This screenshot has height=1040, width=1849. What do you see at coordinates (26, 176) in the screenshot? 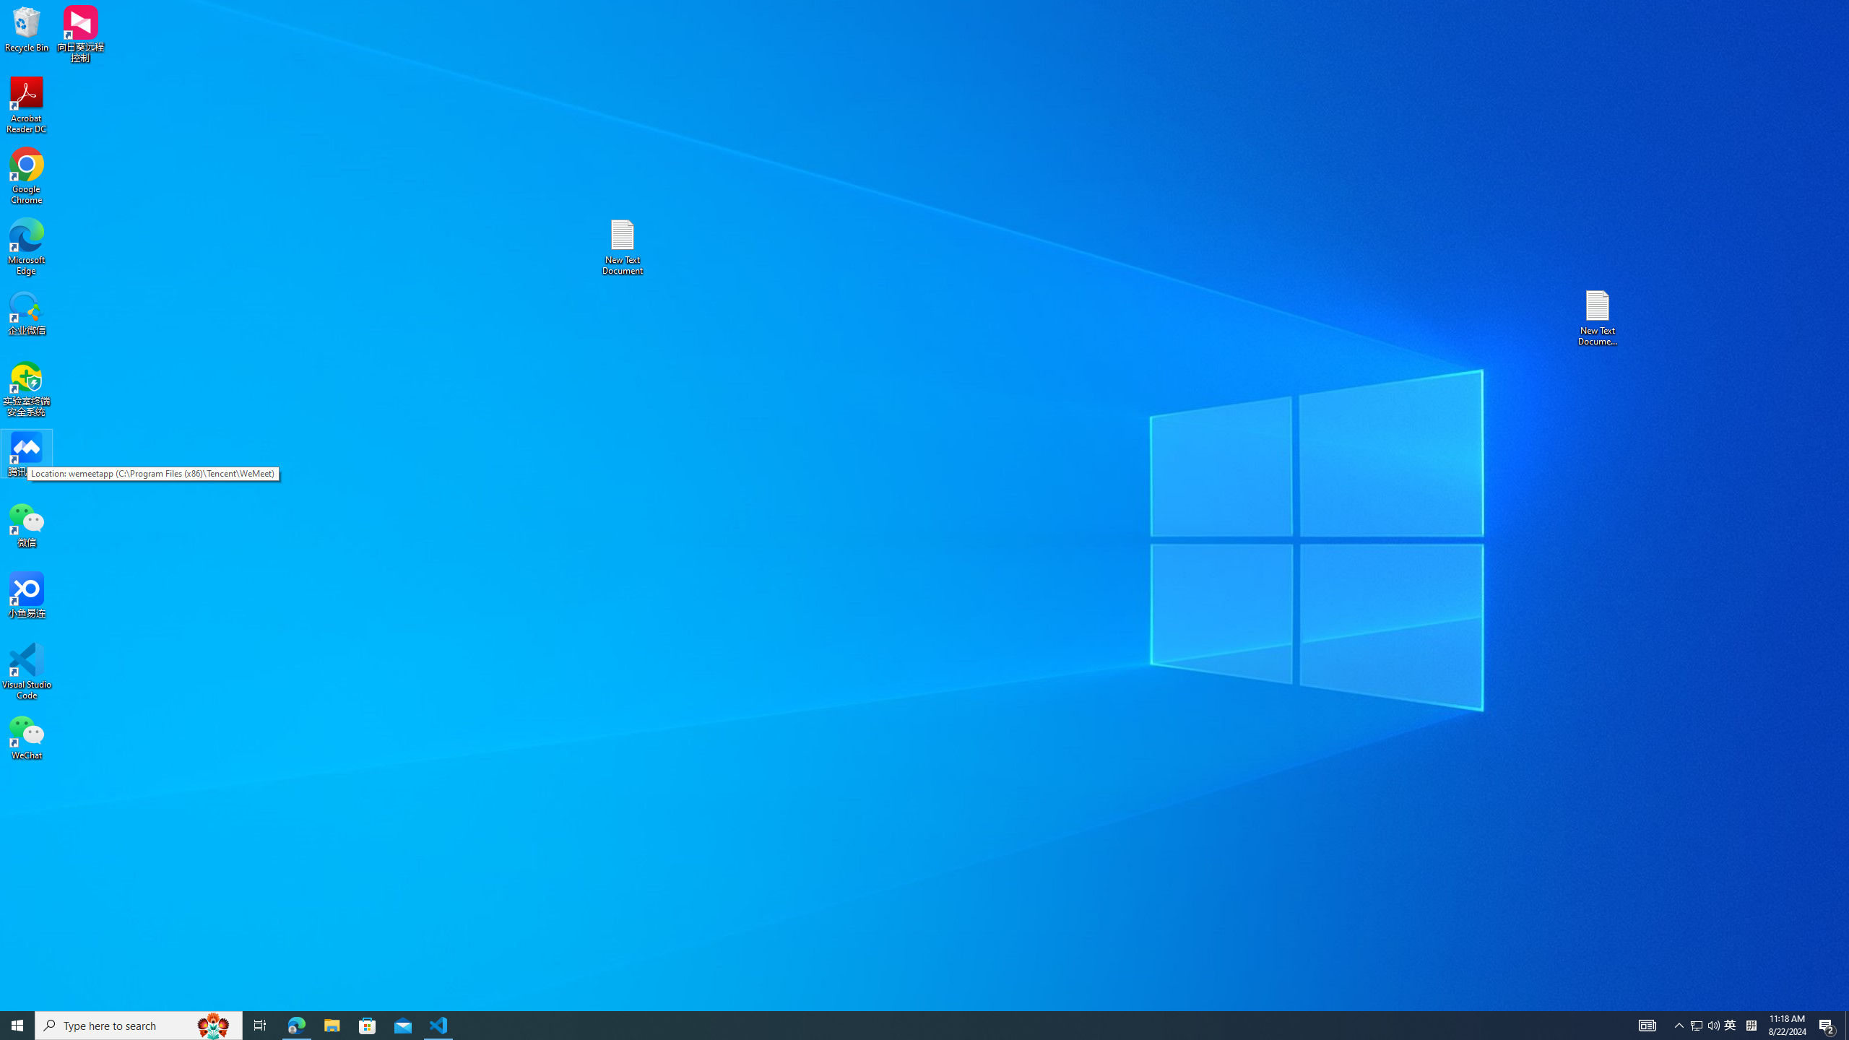
I see `'Google Chrome'` at bounding box center [26, 176].